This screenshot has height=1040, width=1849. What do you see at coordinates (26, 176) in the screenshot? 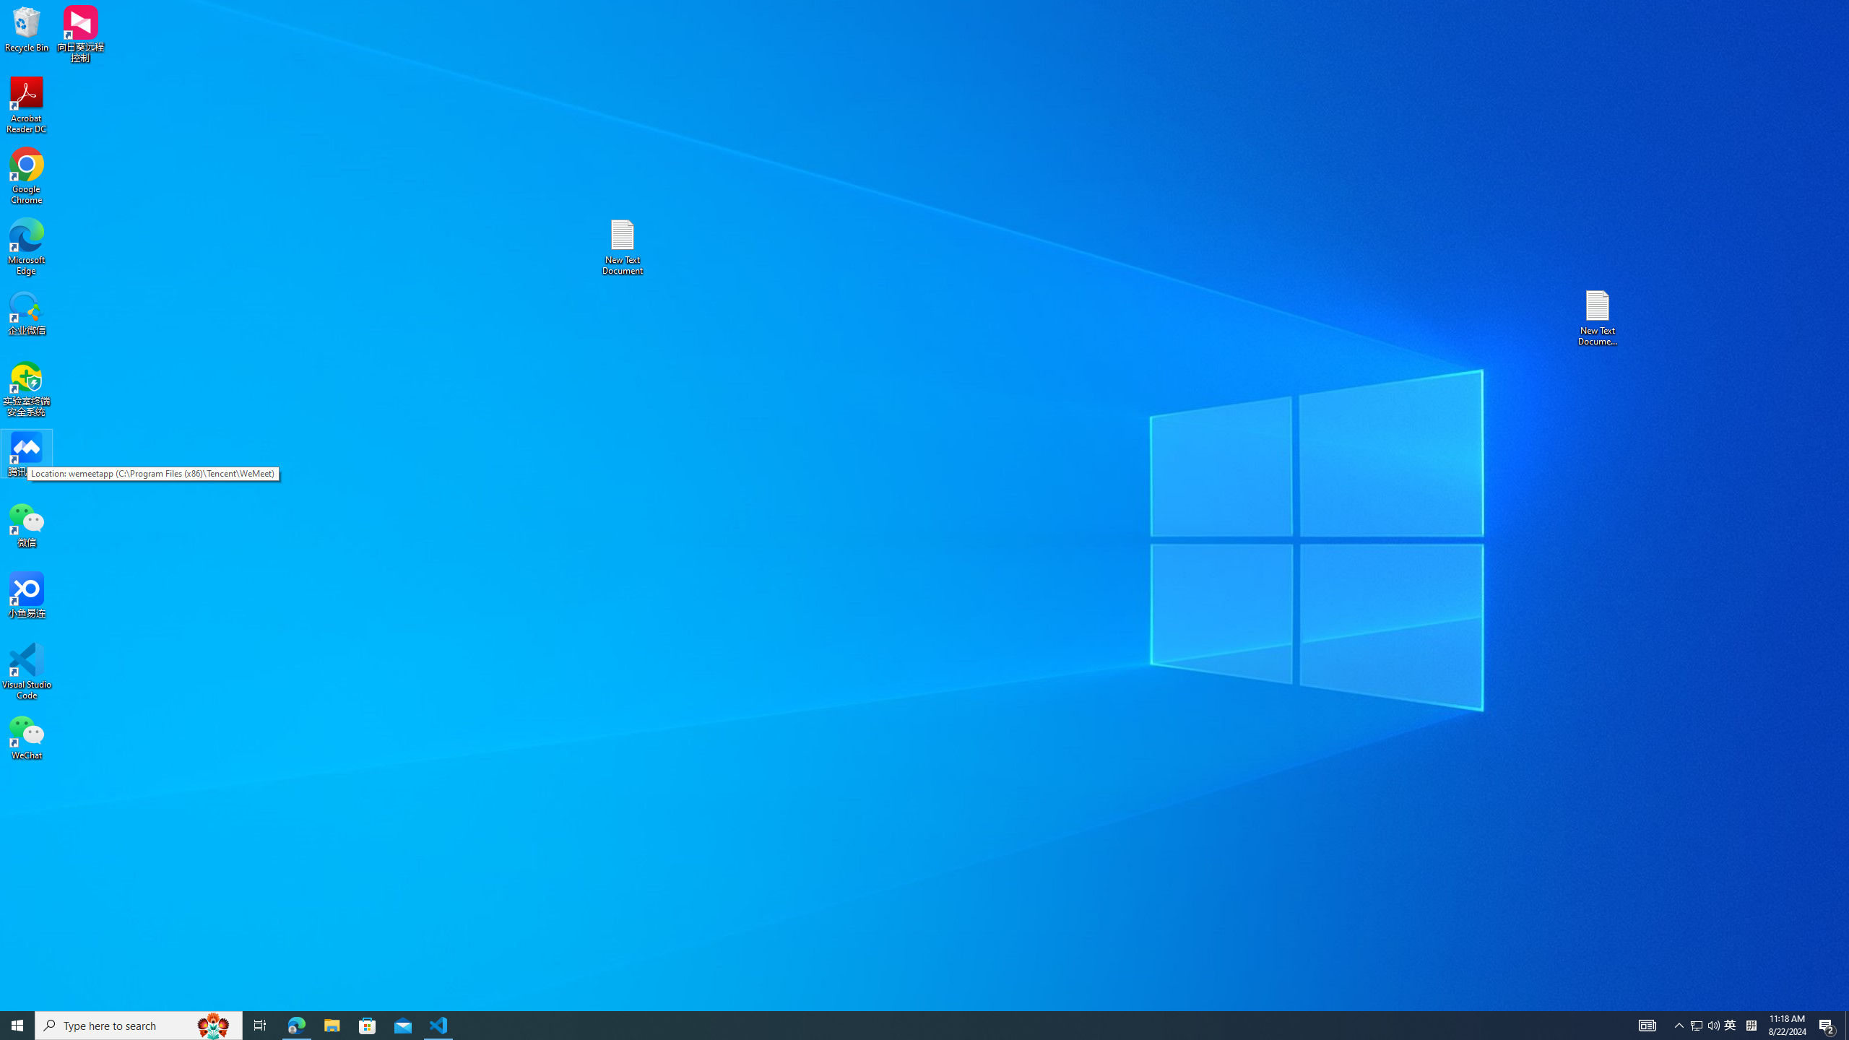
I see `'Google Chrome'` at bounding box center [26, 176].